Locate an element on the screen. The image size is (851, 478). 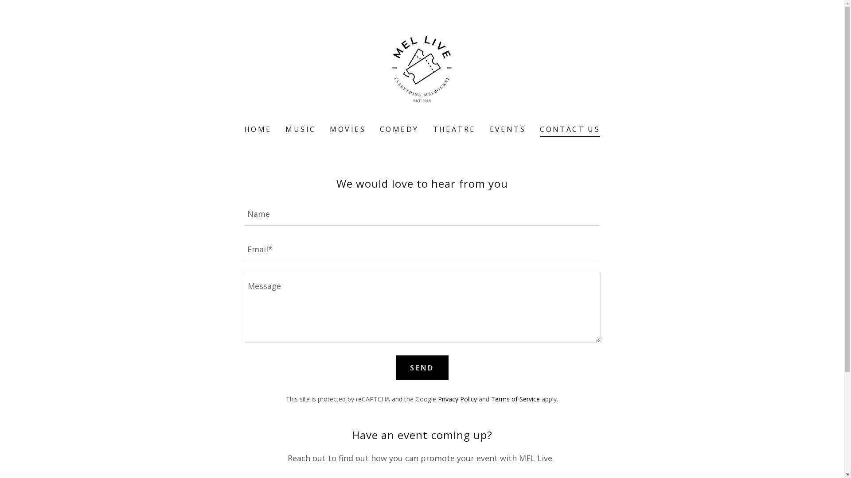
'THEATRE' is located at coordinates (454, 129).